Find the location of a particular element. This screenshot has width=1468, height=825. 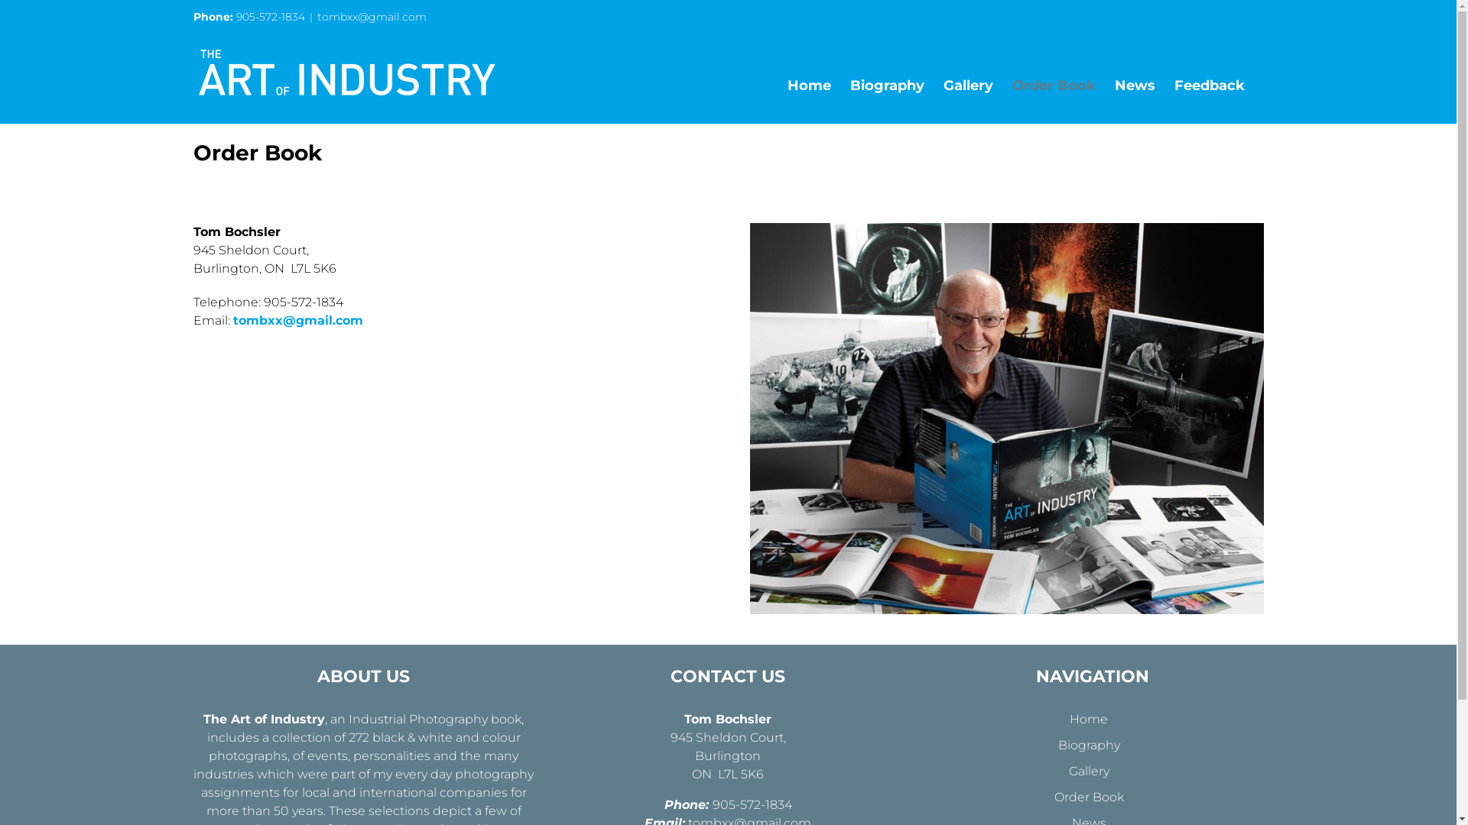

'Home' is located at coordinates (1088, 719).